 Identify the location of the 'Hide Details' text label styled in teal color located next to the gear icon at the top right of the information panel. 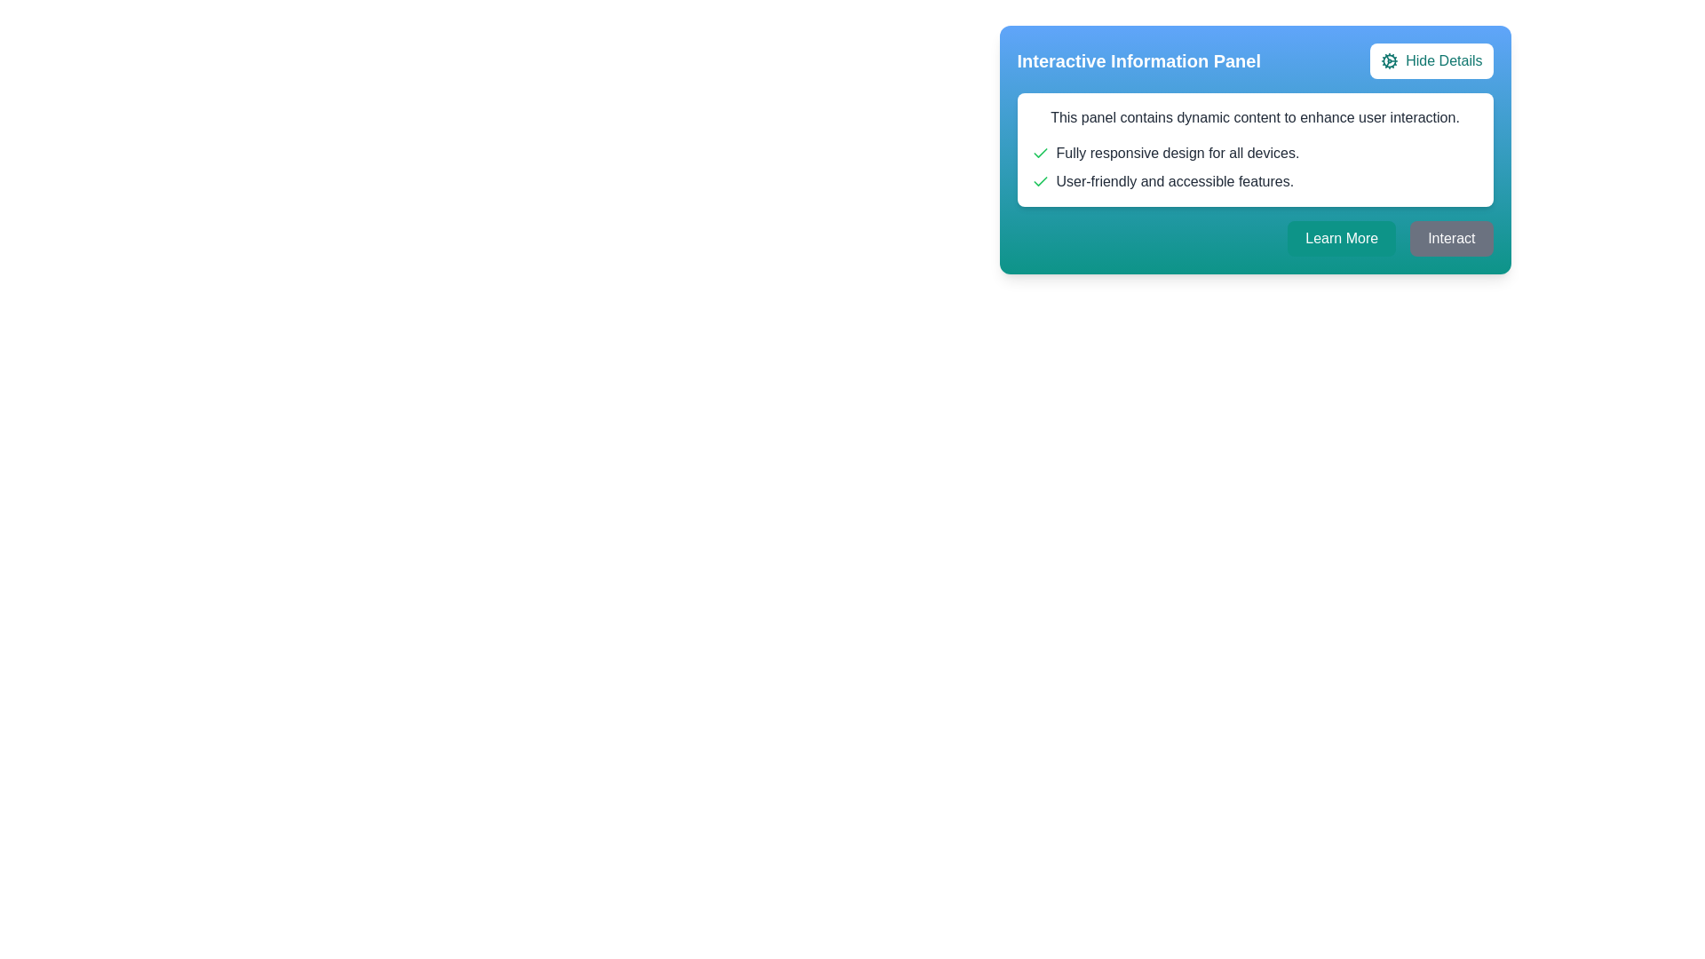
(1444, 60).